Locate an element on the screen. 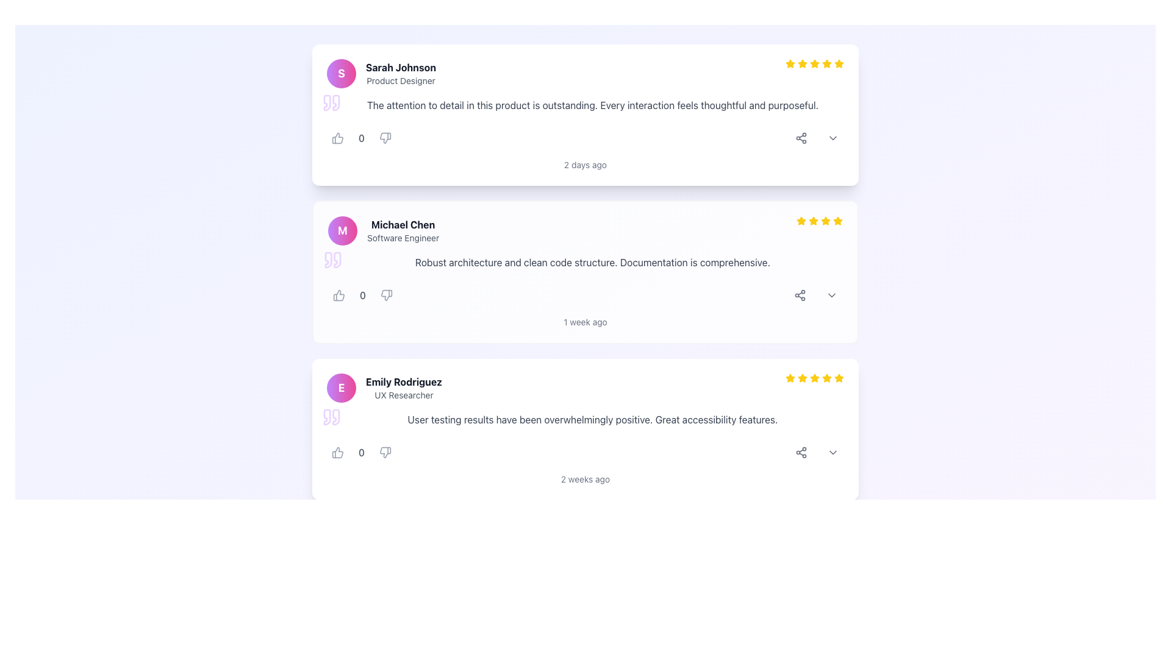  the thumbs-up icon button, which is a gray rounded icon located below the comment titled 'Michael Chen' and is the first interactive element on the left is located at coordinates (339, 295).